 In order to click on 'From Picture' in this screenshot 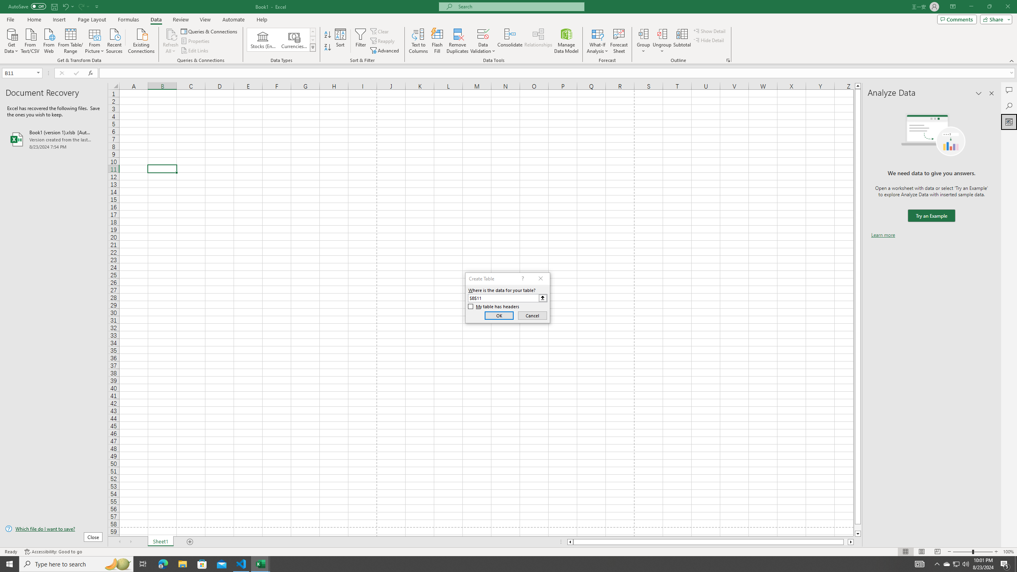, I will do `click(95, 40)`.